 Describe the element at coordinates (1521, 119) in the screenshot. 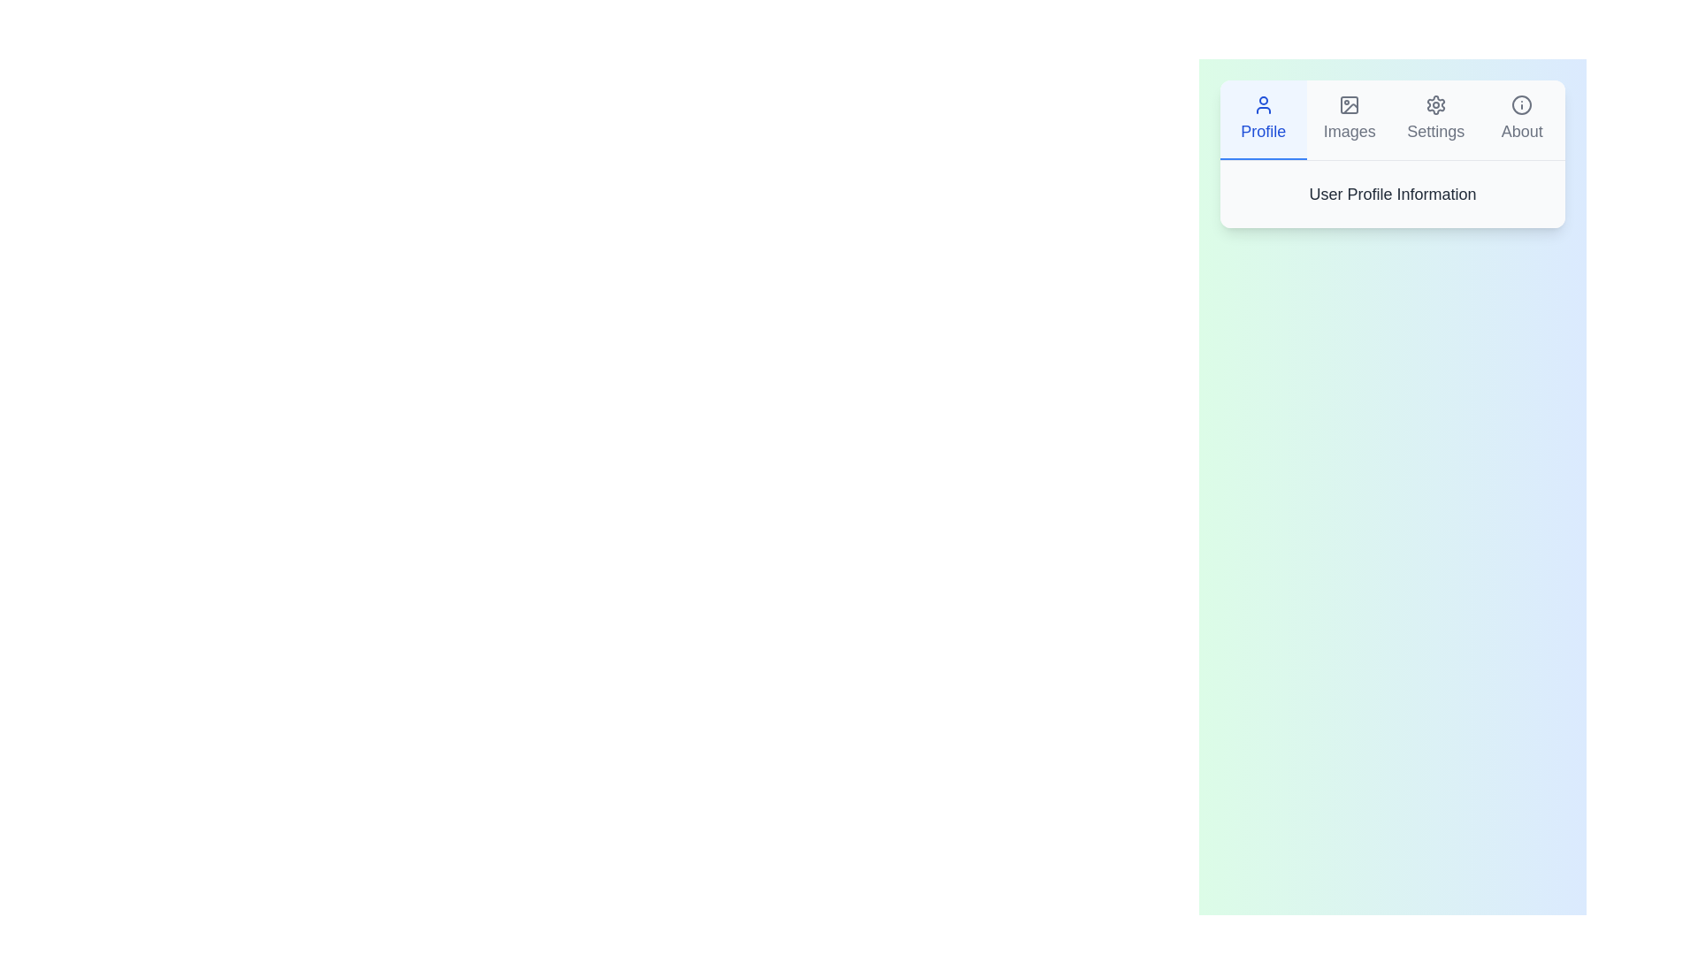

I see `the tab labeled About` at that location.